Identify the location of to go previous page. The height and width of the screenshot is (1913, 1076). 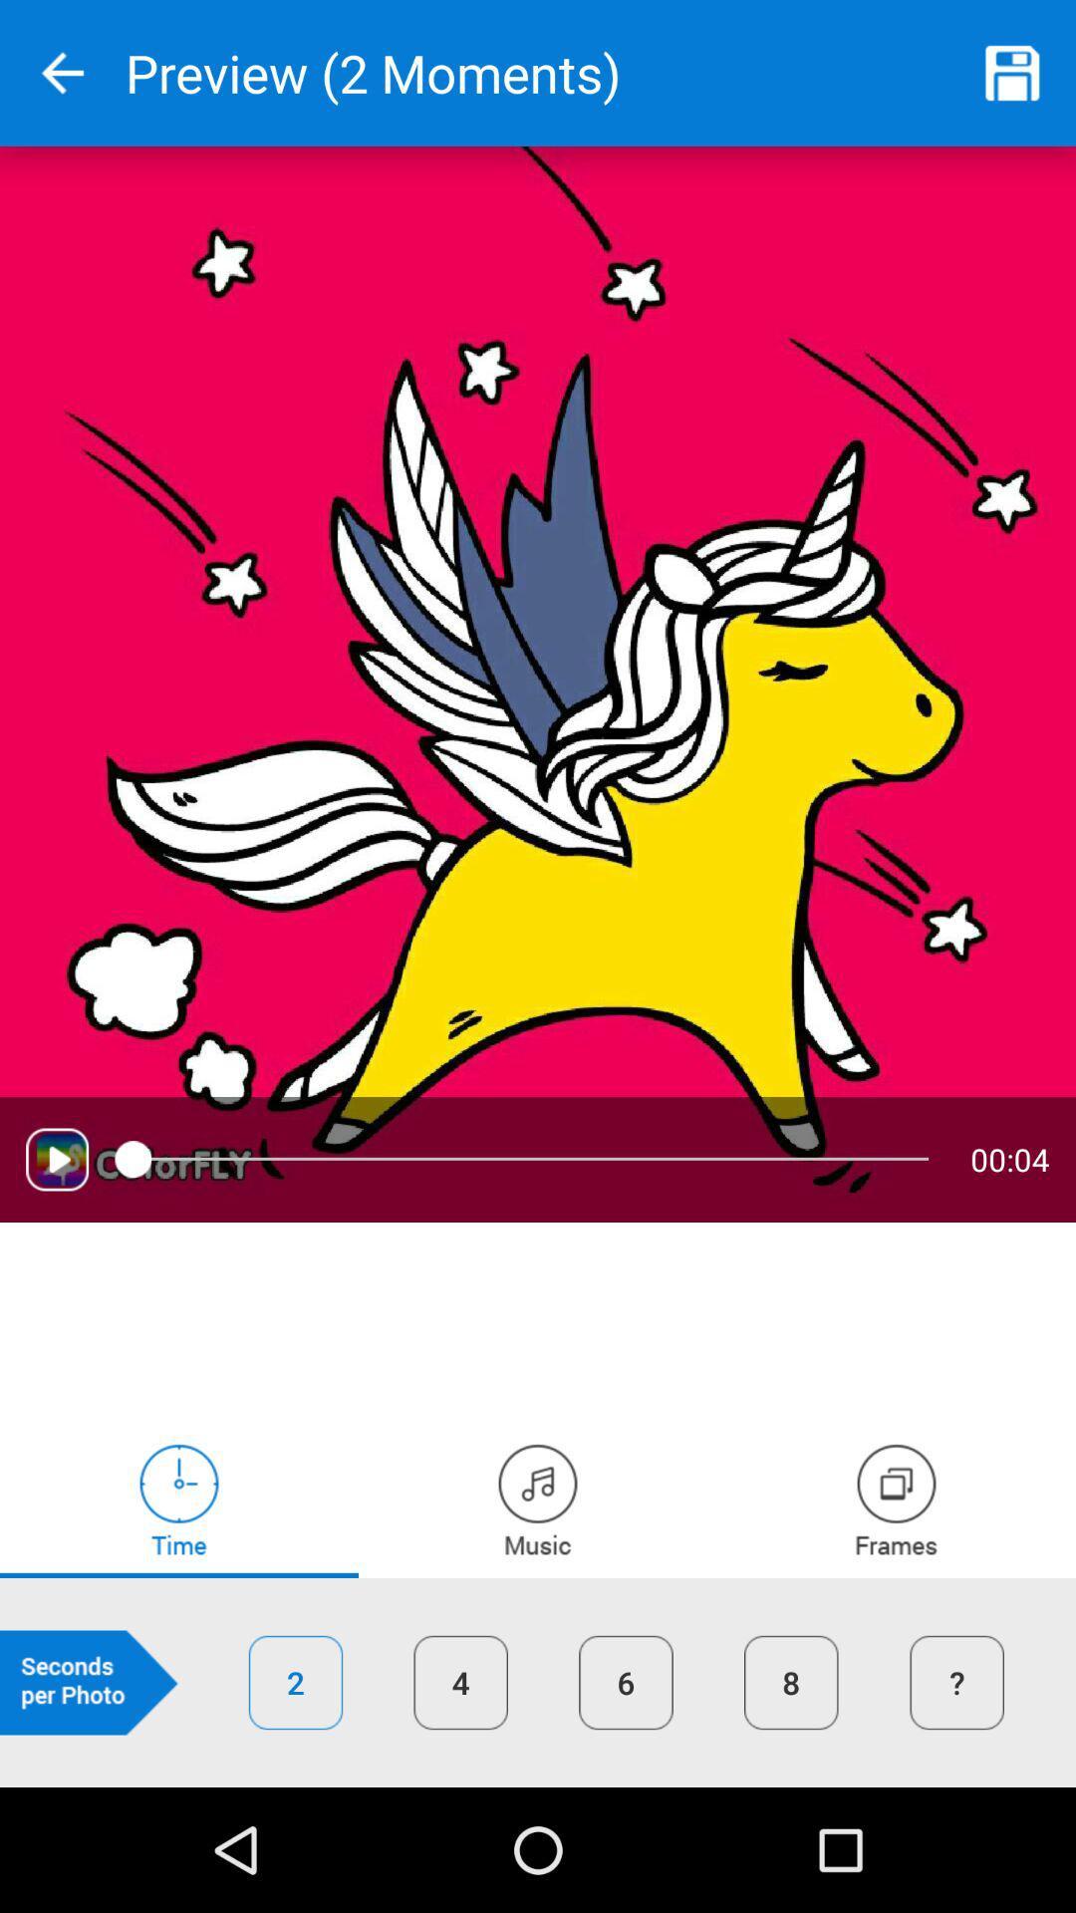
(61, 73).